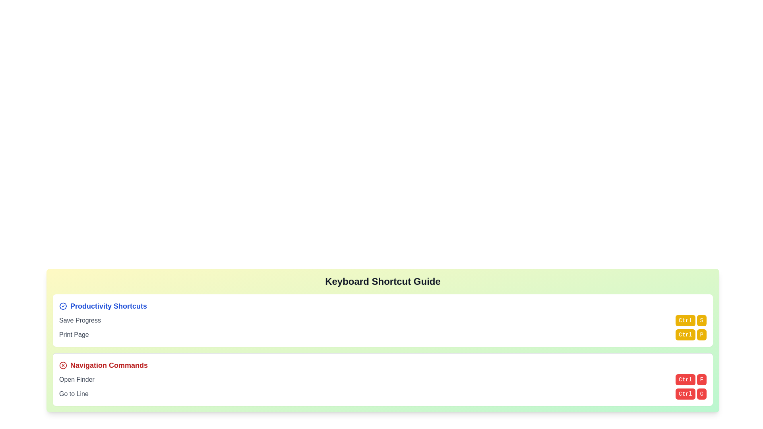 The width and height of the screenshot is (763, 429). What do you see at coordinates (74, 394) in the screenshot?
I see `the 'Go to Line' text label within the 'Navigation Commands' section, which is positioned below the 'Open Finder' command` at bounding box center [74, 394].